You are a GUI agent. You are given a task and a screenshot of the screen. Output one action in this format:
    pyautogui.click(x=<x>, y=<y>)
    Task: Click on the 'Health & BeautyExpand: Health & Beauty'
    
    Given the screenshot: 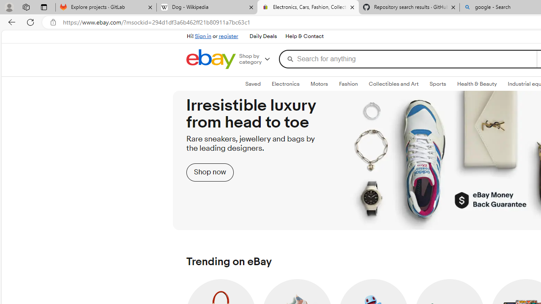 What is the action you would take?
    pyautogui.click(x=477, y=84)
    